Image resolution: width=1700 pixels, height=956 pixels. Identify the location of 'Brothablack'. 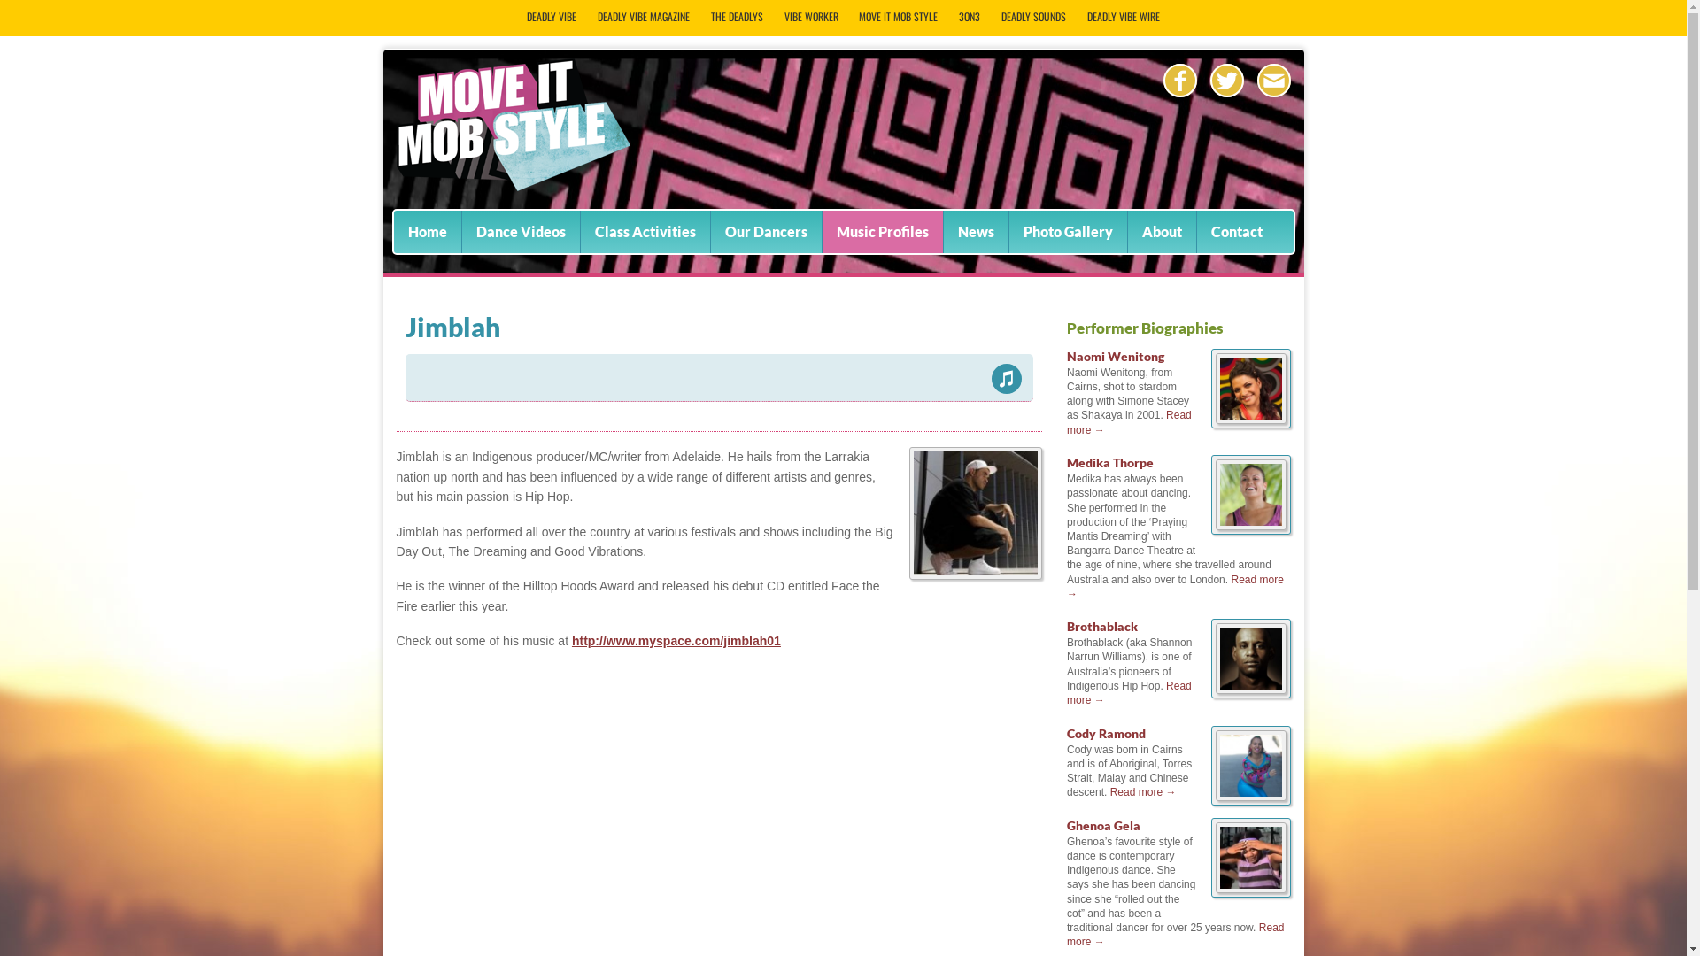
(1065, 625).